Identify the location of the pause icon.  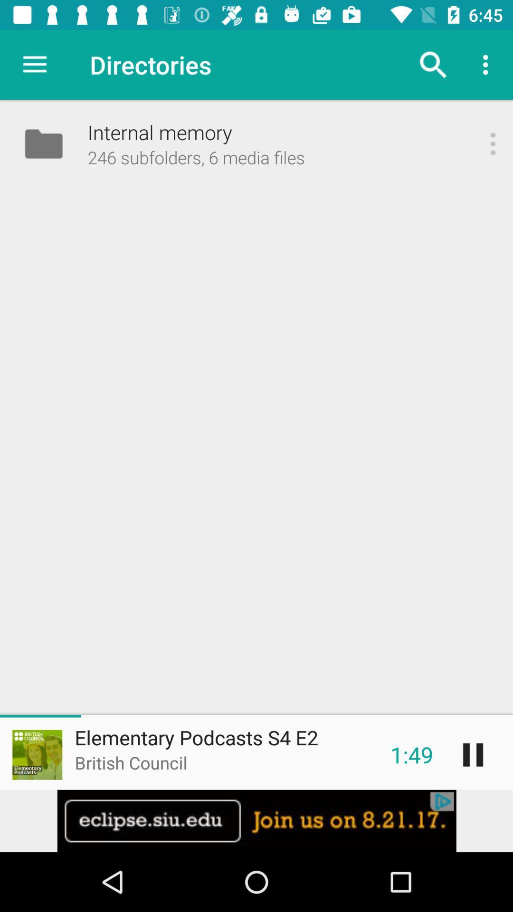
(473, 754).